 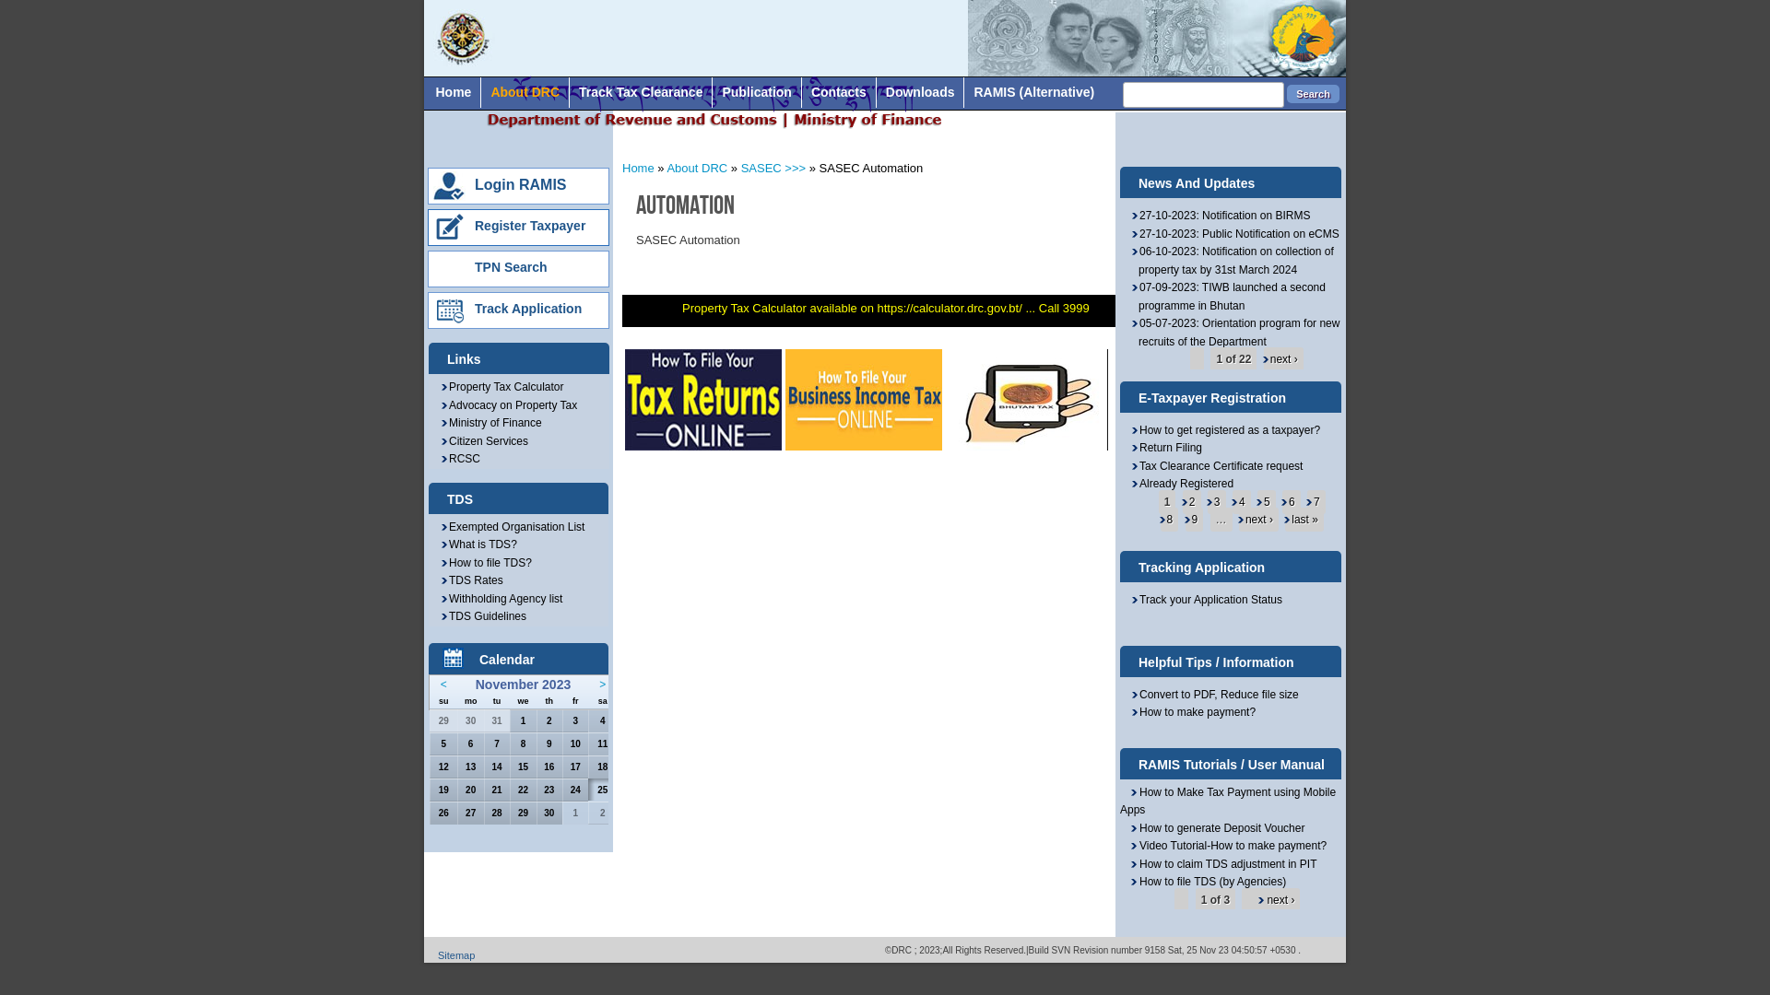 I want to click on 'Exempted Organisation List', so click(x=438, y=526).